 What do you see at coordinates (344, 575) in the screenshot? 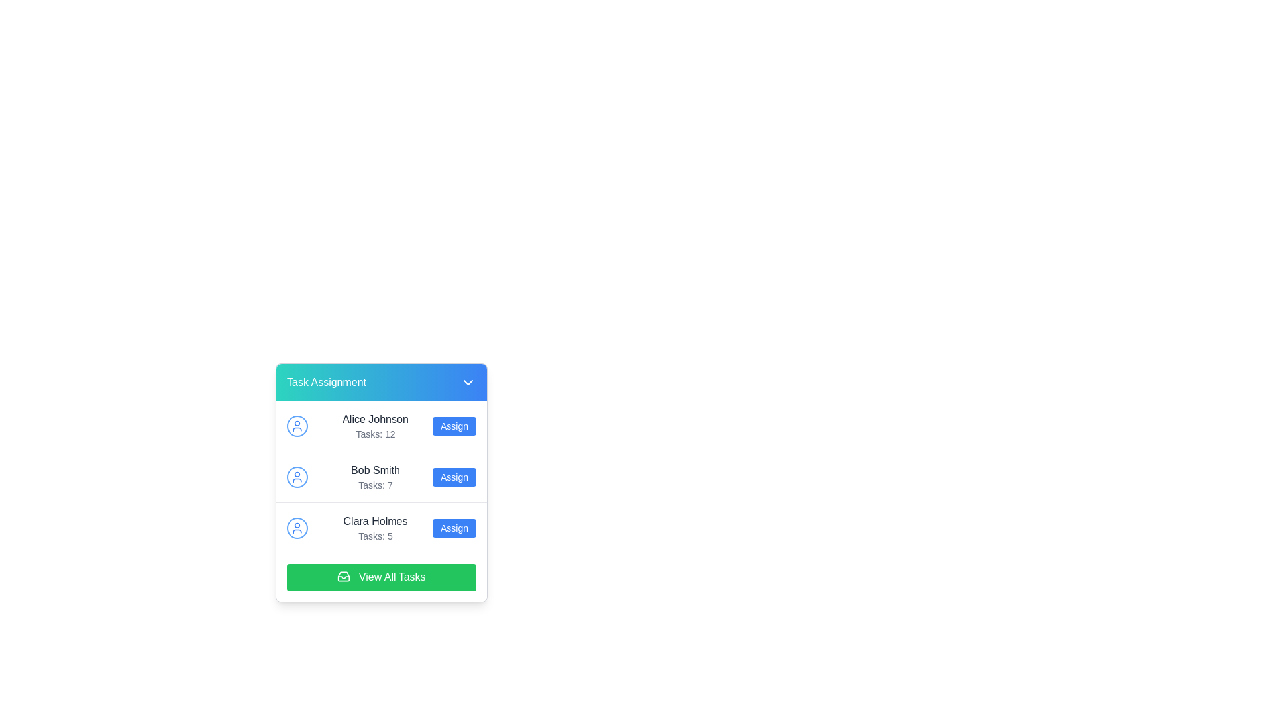
I see `the icon resembling a tray or inbox, which is located to the left of the 'View All Tasks' button at the bottom of the task assignment panel` at bounding box center [344, 575].